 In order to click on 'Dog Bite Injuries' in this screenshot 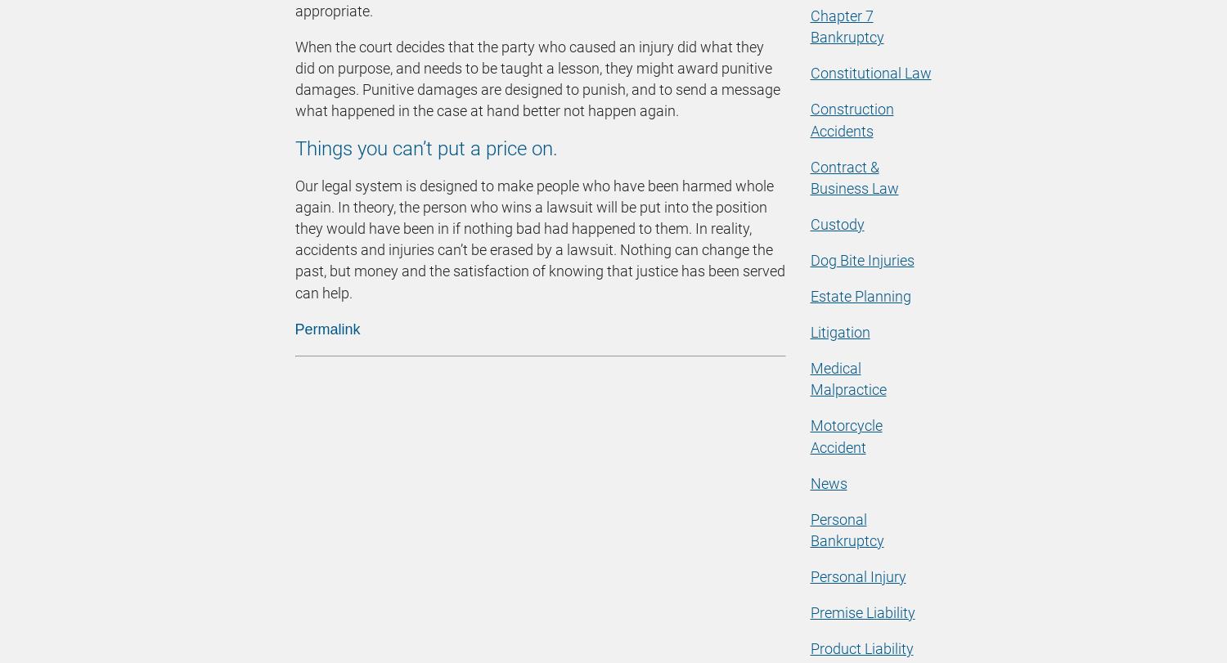, I will do `click(861, 259)`.